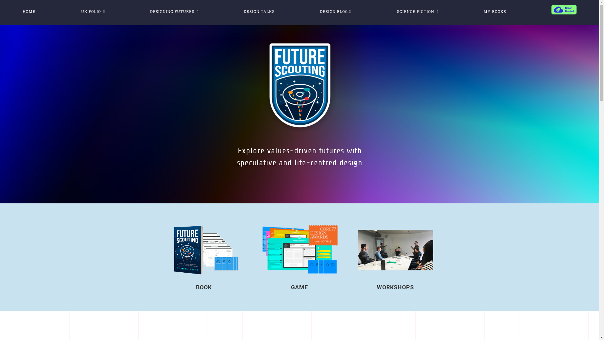 This screenshot has height=340, width=604. I want to click on 'tile-fs-book-resources-jul21-3 (2)', so click(204, 250).